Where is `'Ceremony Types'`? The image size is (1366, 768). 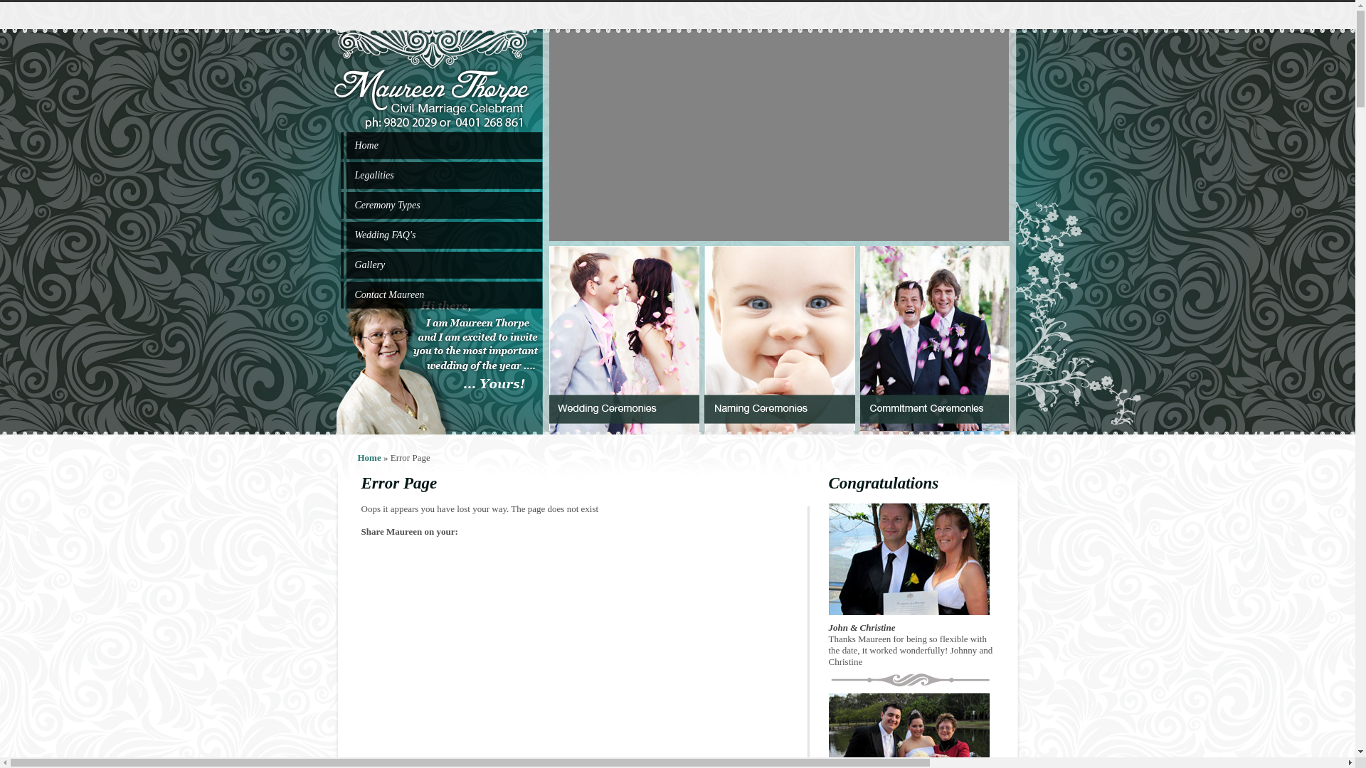
'Ceremony Types' is located at coordinates (386, 205).